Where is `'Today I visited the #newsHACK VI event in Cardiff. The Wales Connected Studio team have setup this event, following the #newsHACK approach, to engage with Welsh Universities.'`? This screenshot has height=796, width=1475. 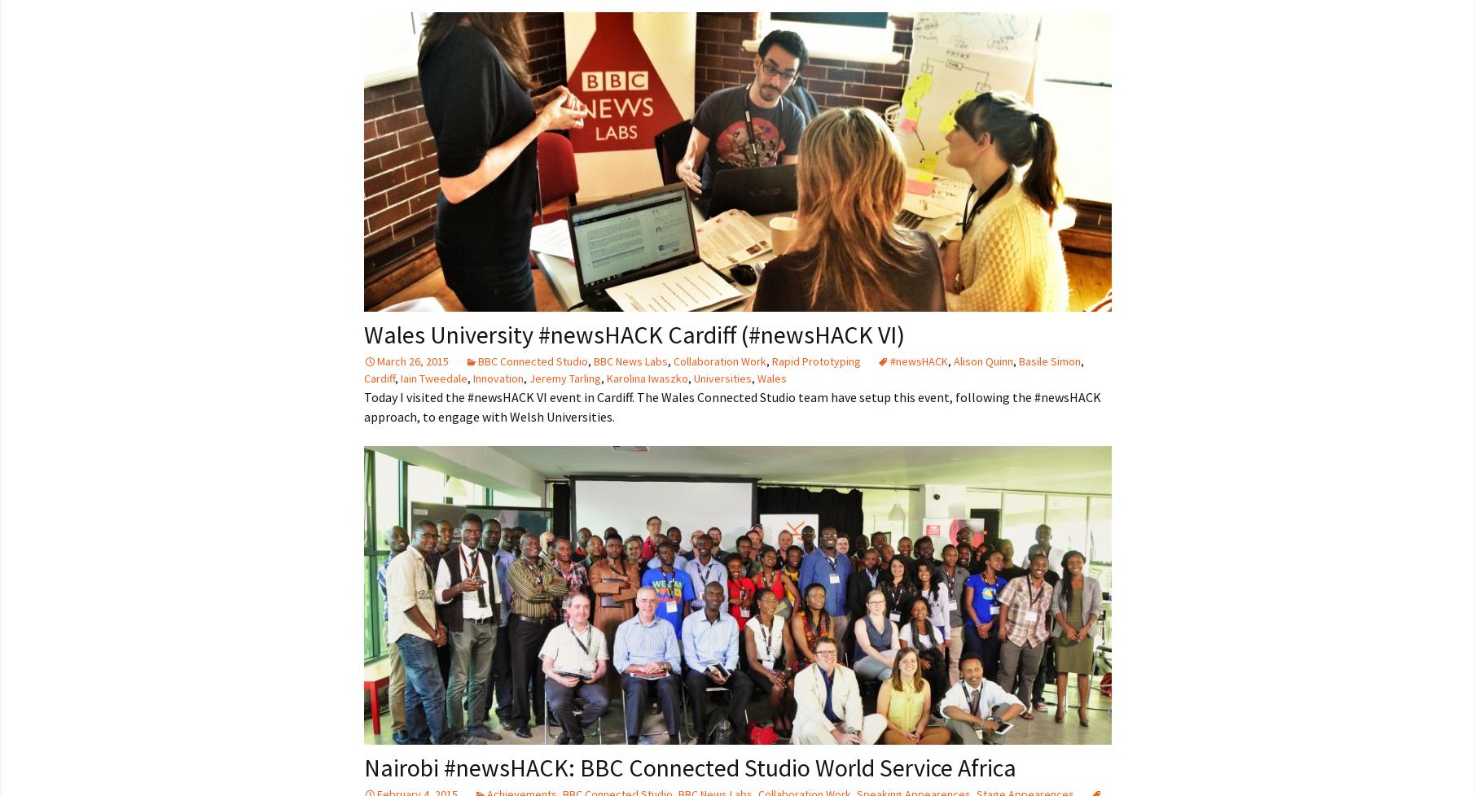 'Today I visited the #newsHACK VI event in Cardiff. The Wales Connected Studio team have setup this event, following the #newsHACK approach, to engage with Welsh Universities.' is located at coordinates (363, 405).